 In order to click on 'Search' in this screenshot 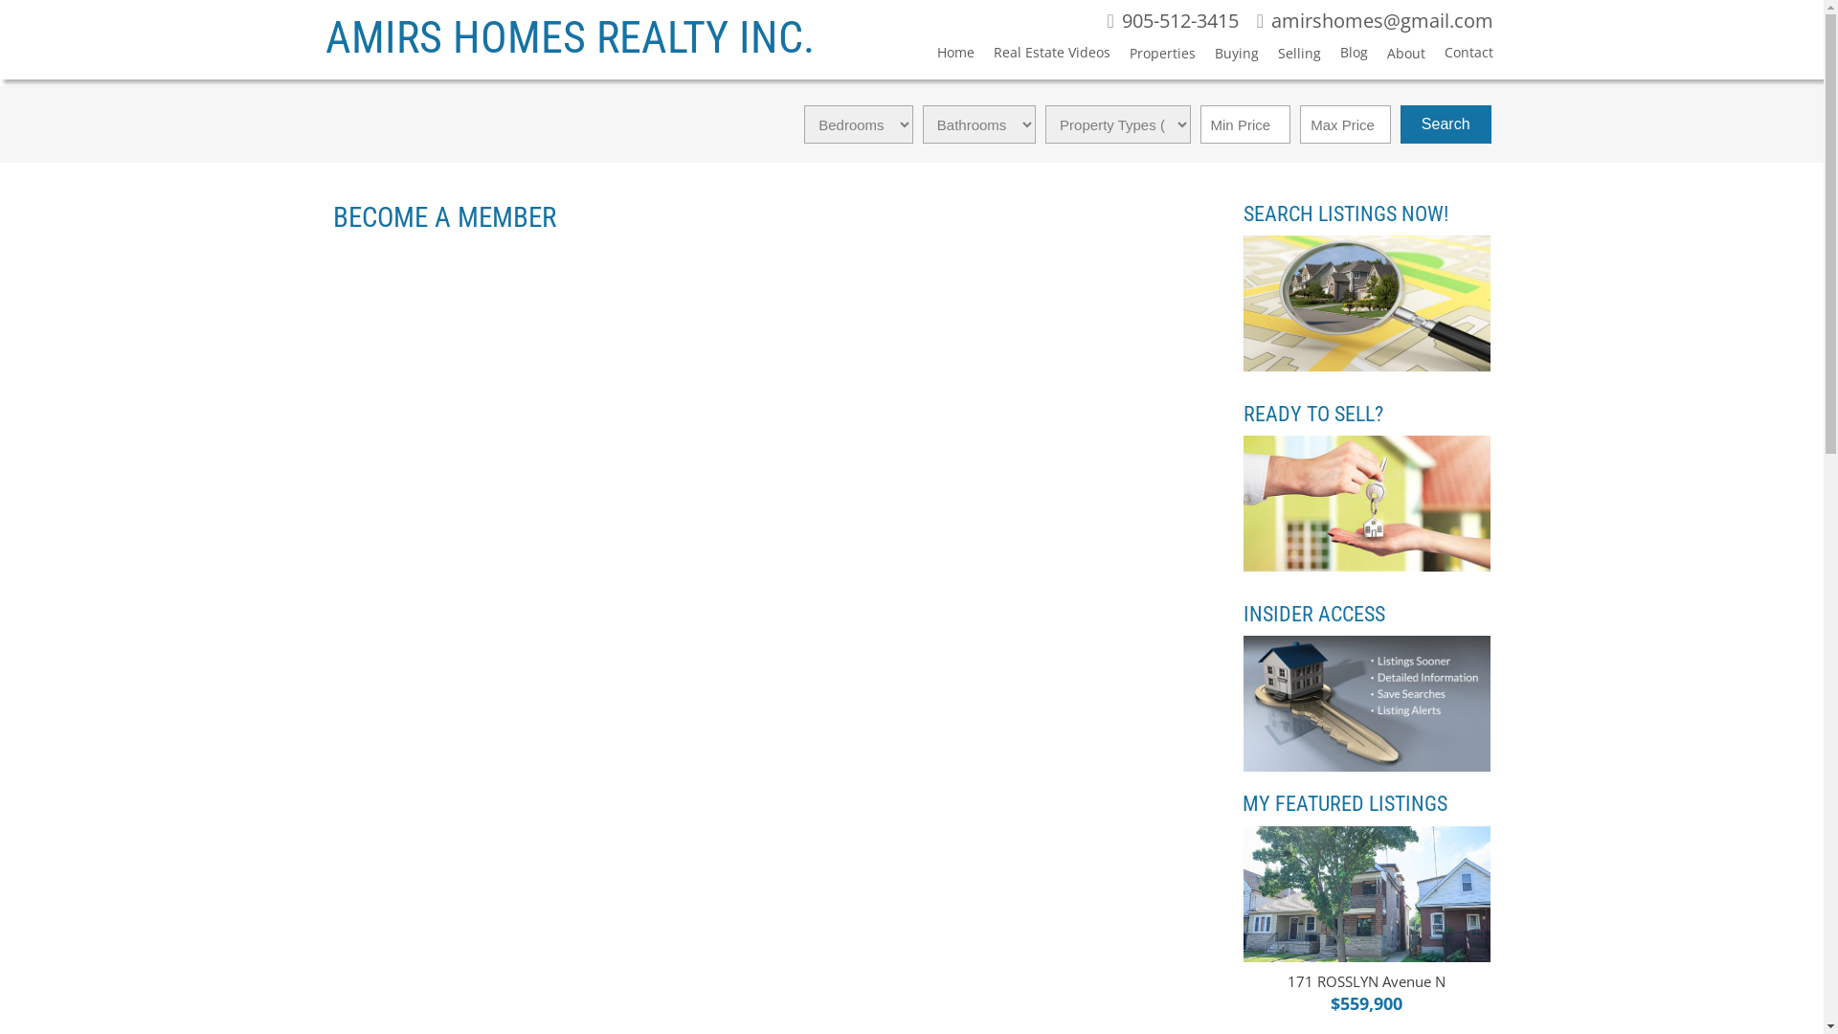, I will do `click(1446, 124)`.